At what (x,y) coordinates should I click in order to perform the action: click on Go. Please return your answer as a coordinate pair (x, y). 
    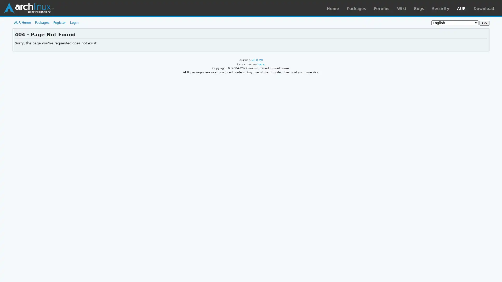
    Looking at the image, I should click on (484, 23).